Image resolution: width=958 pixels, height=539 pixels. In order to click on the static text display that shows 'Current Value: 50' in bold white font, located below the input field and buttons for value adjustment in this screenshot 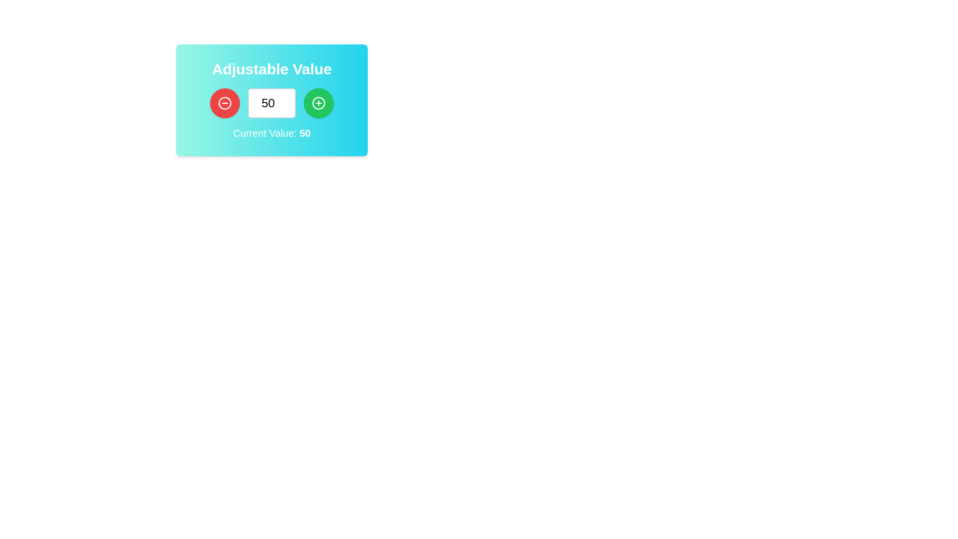, I will do `click(272, 132)`.